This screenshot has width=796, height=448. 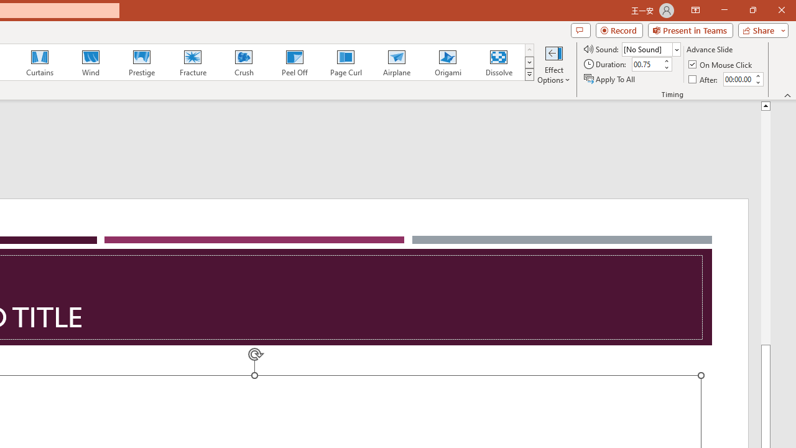 I want to click on 'Duration', so click(x=647, y=64).